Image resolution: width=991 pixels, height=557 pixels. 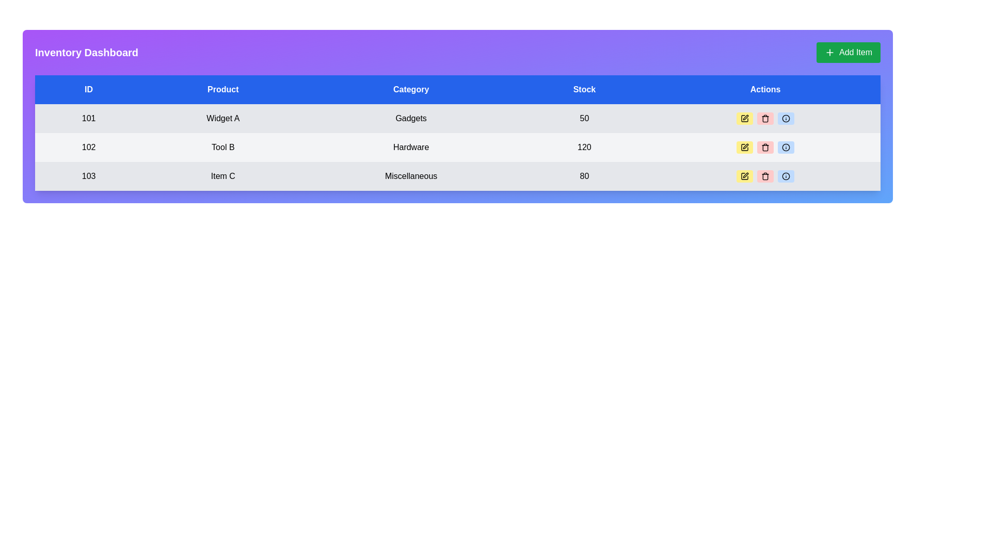 What do you see at coordinates (745, 118) in the screenshot?
I see `the edit button in the 'Actions' column of the first row in the table` at bounding box center [745, 118].